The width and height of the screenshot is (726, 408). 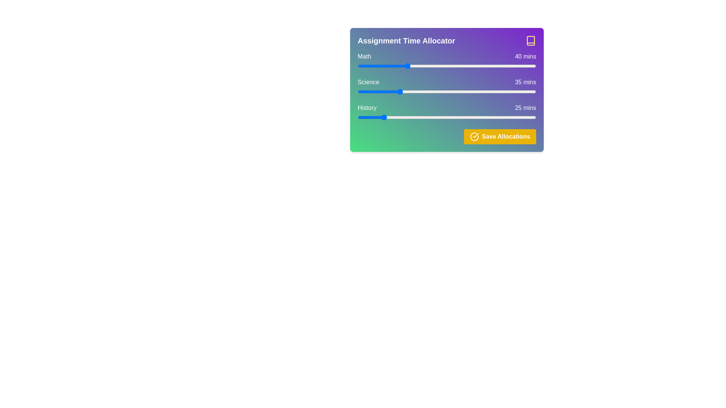 What do you see at coordinates (434, 65) in the screenshot?
I see `the slider for 'Math'` at bounding box center [434, 65].